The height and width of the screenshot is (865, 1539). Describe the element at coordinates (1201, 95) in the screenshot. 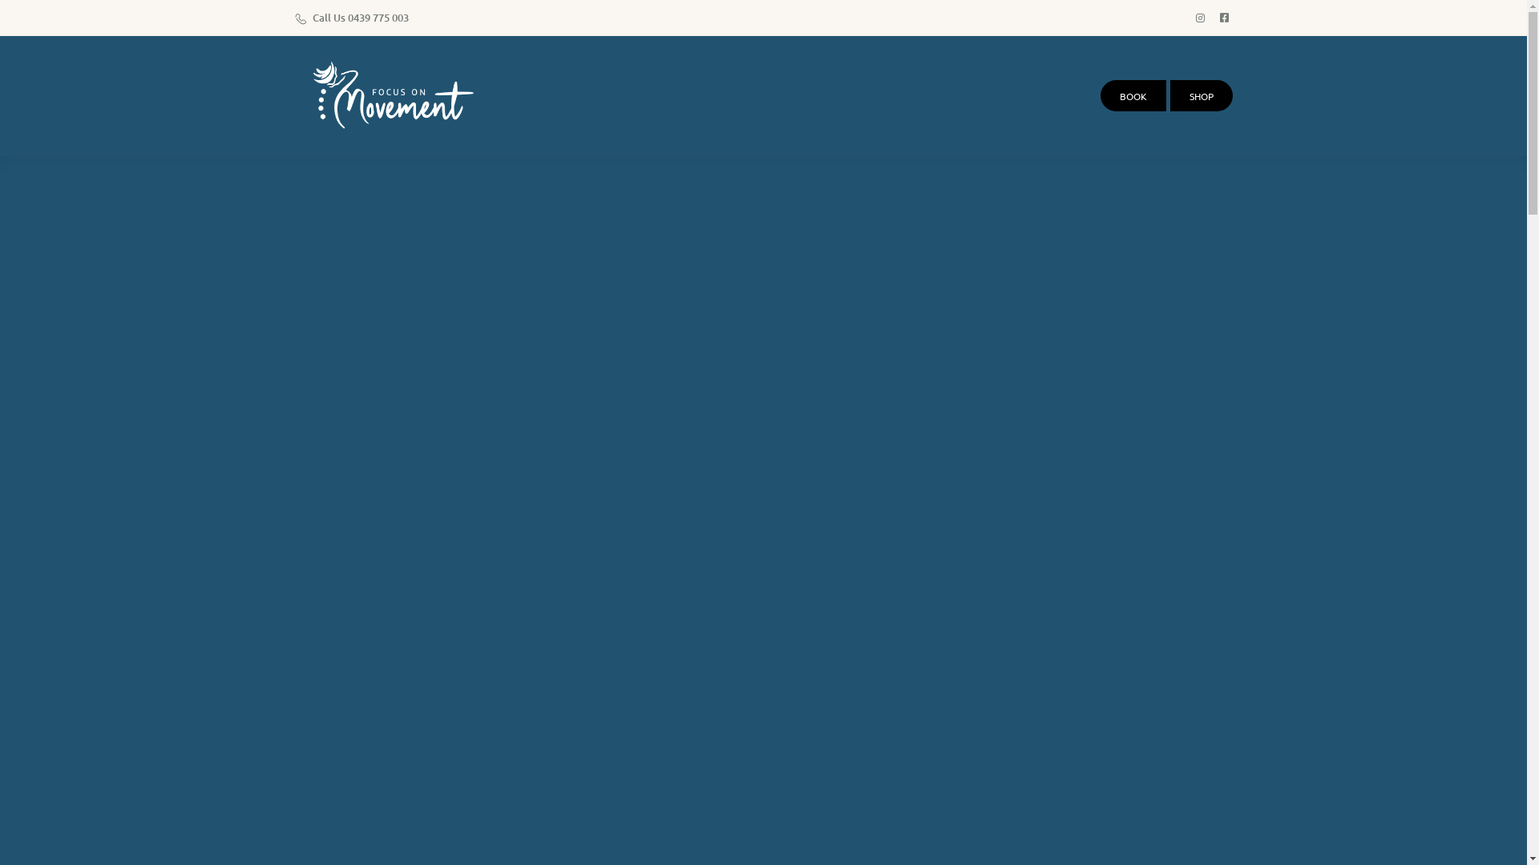

I see `'SHOP'` at that location.